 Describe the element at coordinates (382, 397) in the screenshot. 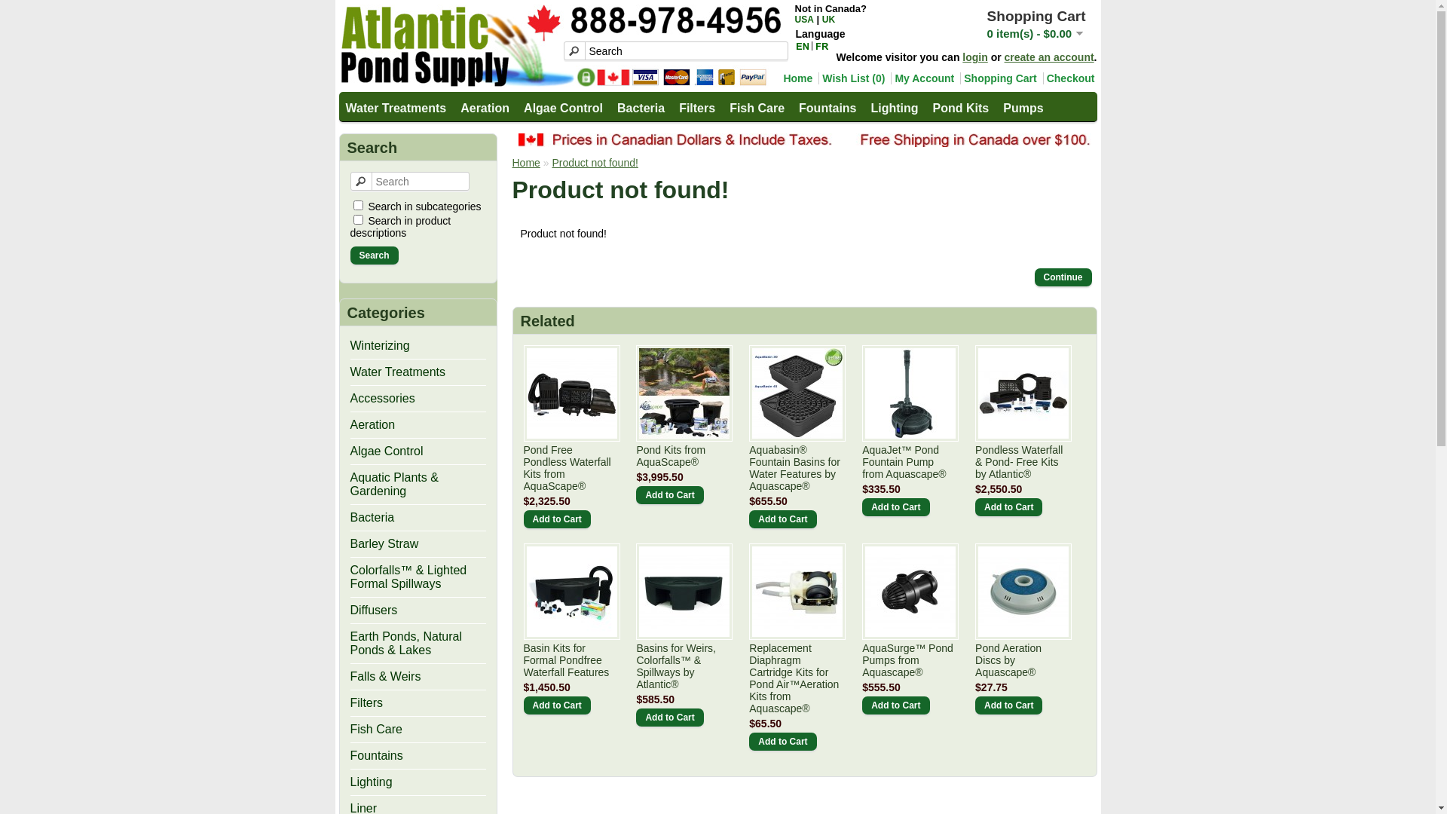

I see `'Accessories'` at that location.